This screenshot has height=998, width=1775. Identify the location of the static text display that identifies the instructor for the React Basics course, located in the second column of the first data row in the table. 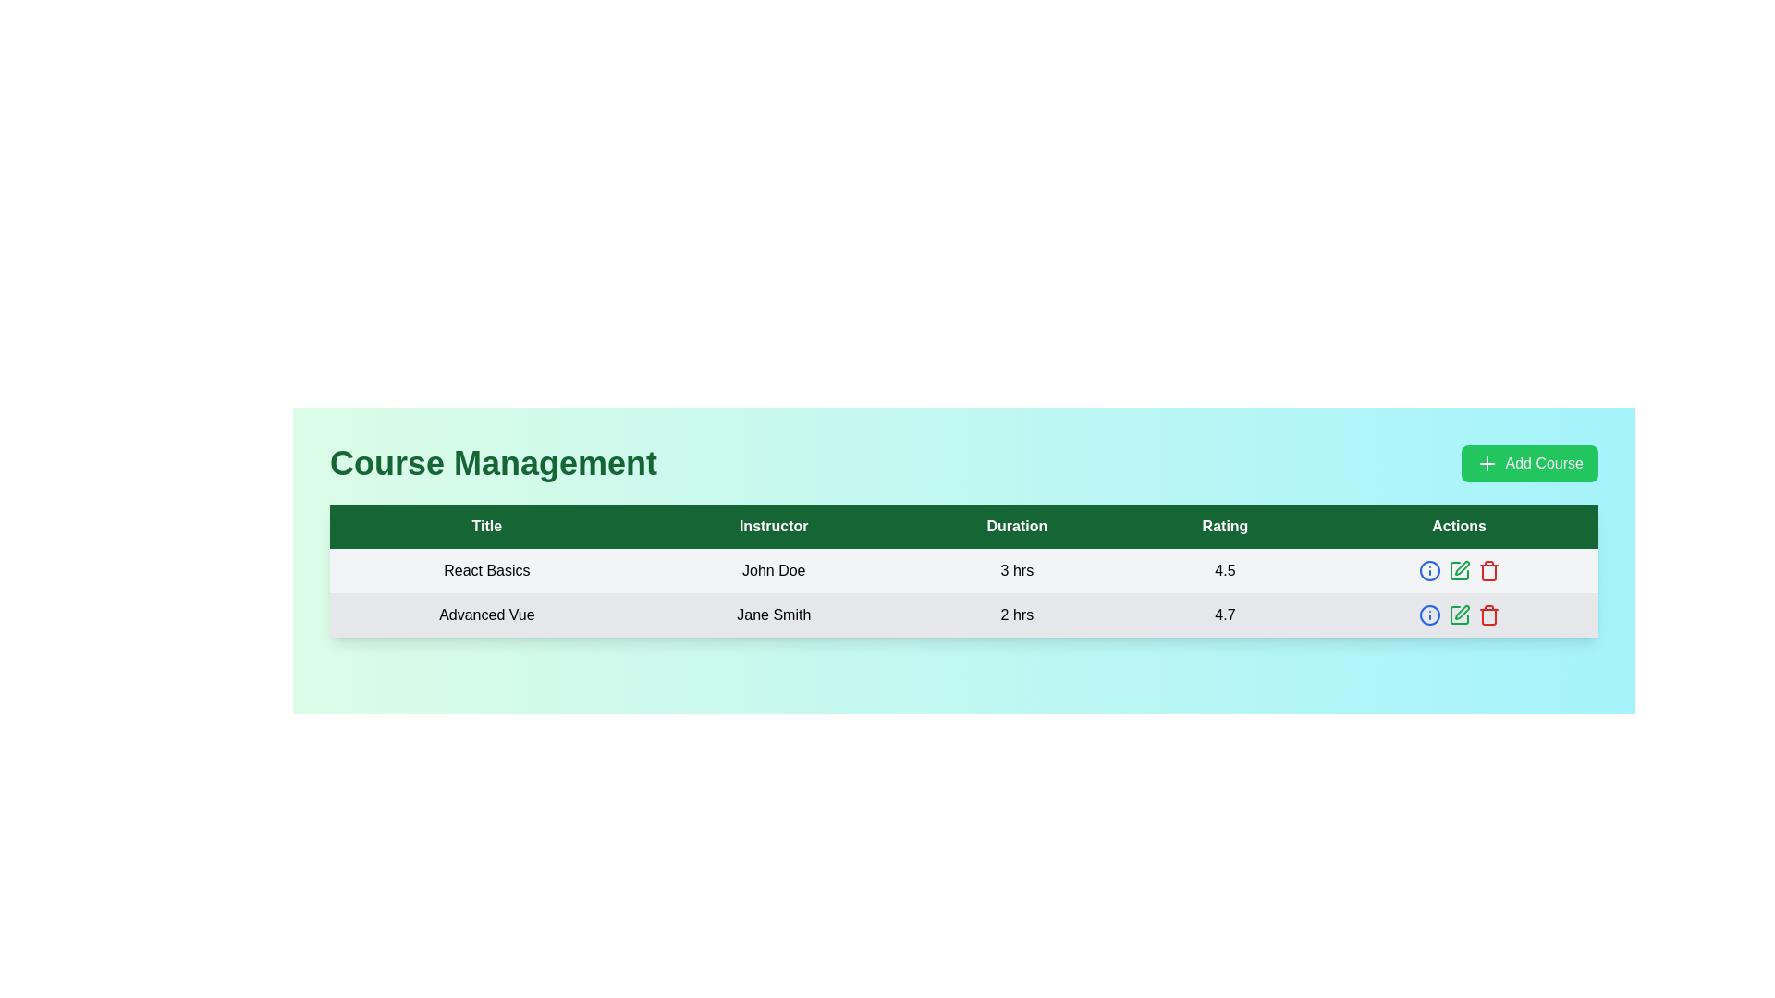
(774, 569).